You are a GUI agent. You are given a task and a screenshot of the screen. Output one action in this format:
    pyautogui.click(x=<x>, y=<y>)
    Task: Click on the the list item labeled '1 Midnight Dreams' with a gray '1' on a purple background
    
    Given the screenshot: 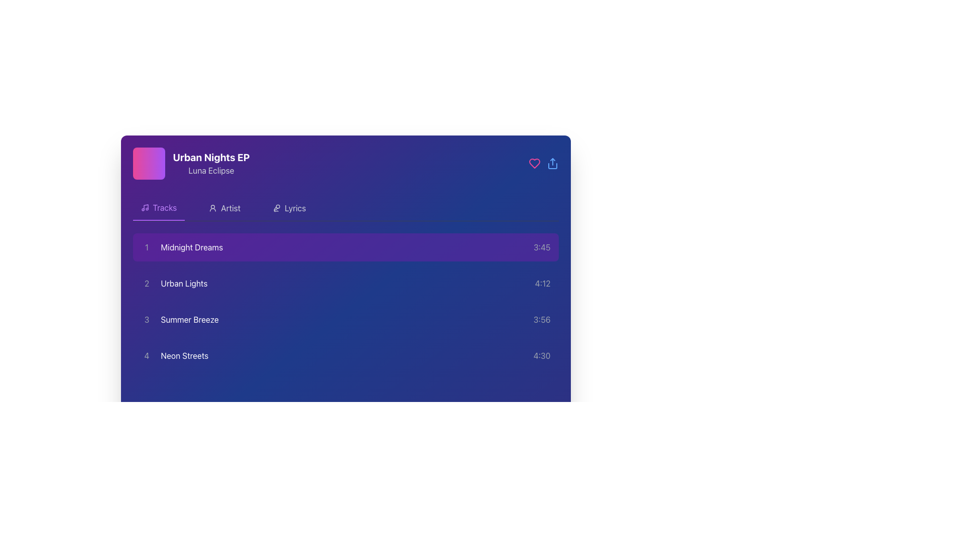 What is the action you would take?
    pyautogui.click(x=181, y=247)
    